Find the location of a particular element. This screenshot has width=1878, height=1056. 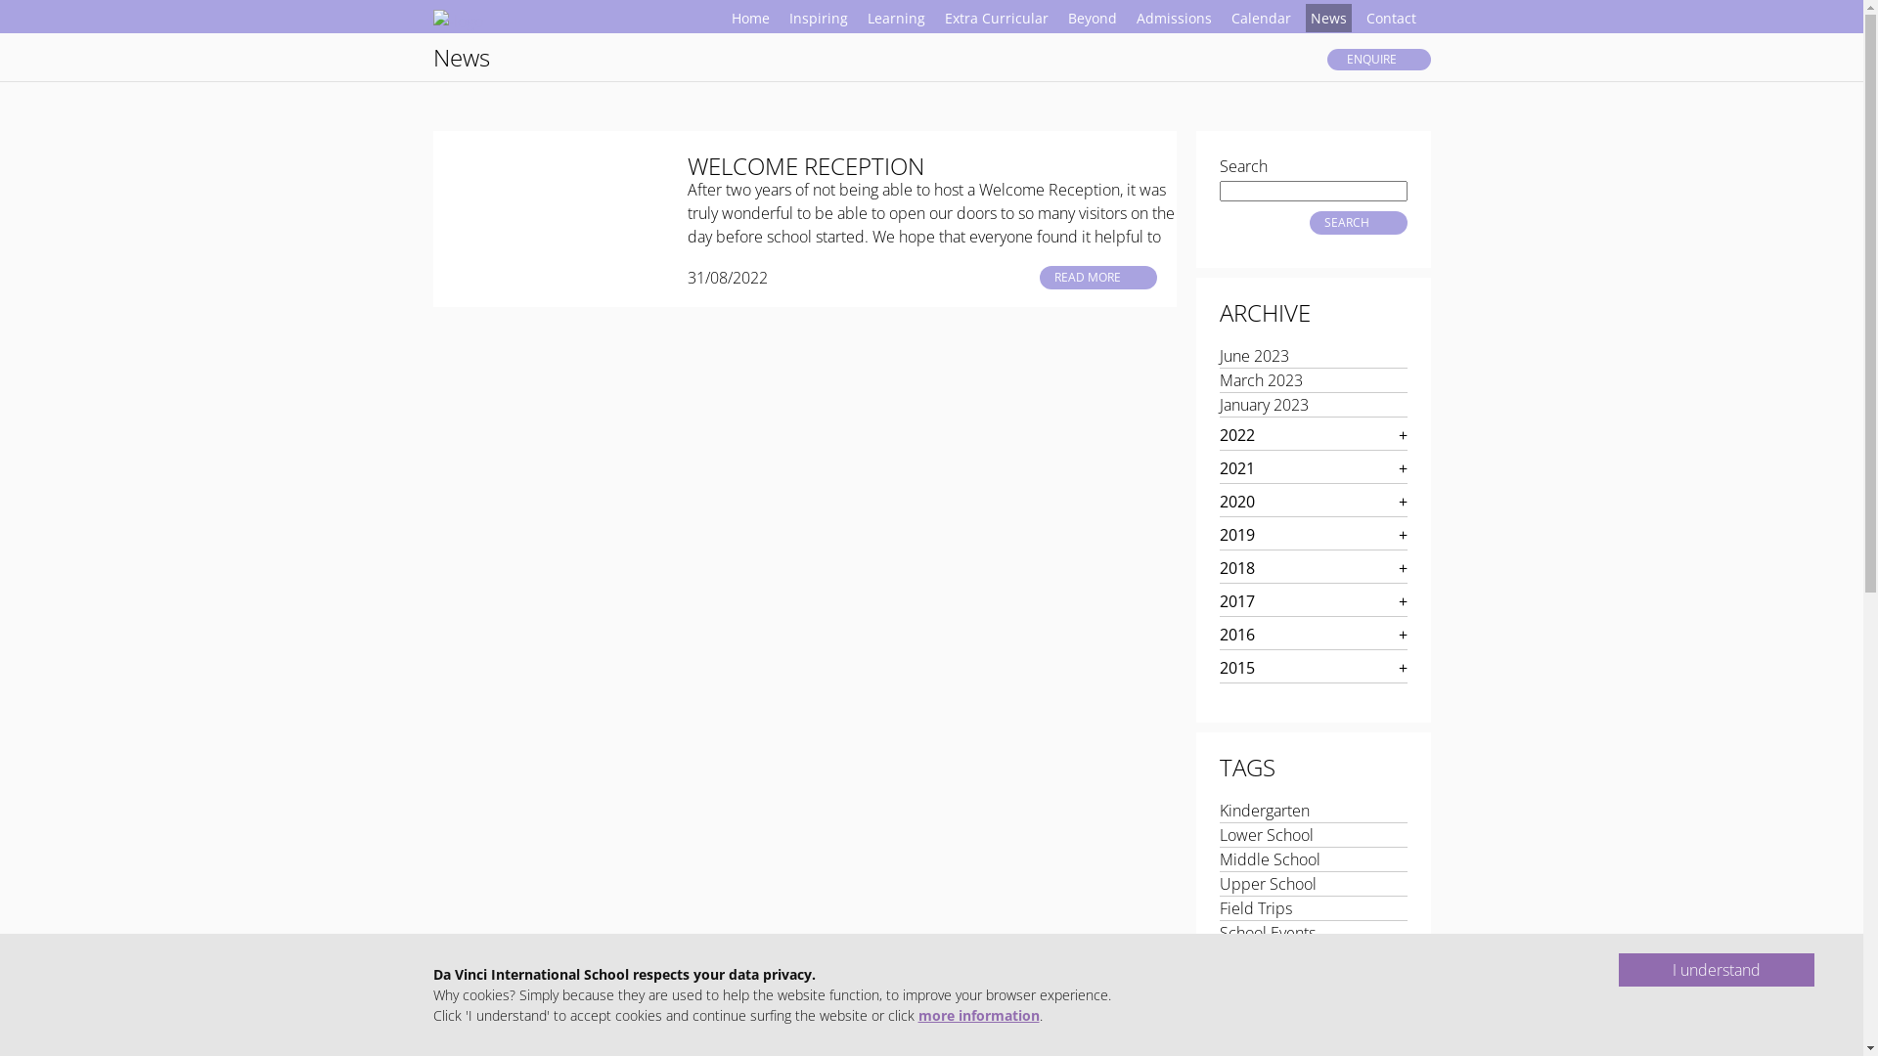

'News' is located at coordinates (1327, 18).